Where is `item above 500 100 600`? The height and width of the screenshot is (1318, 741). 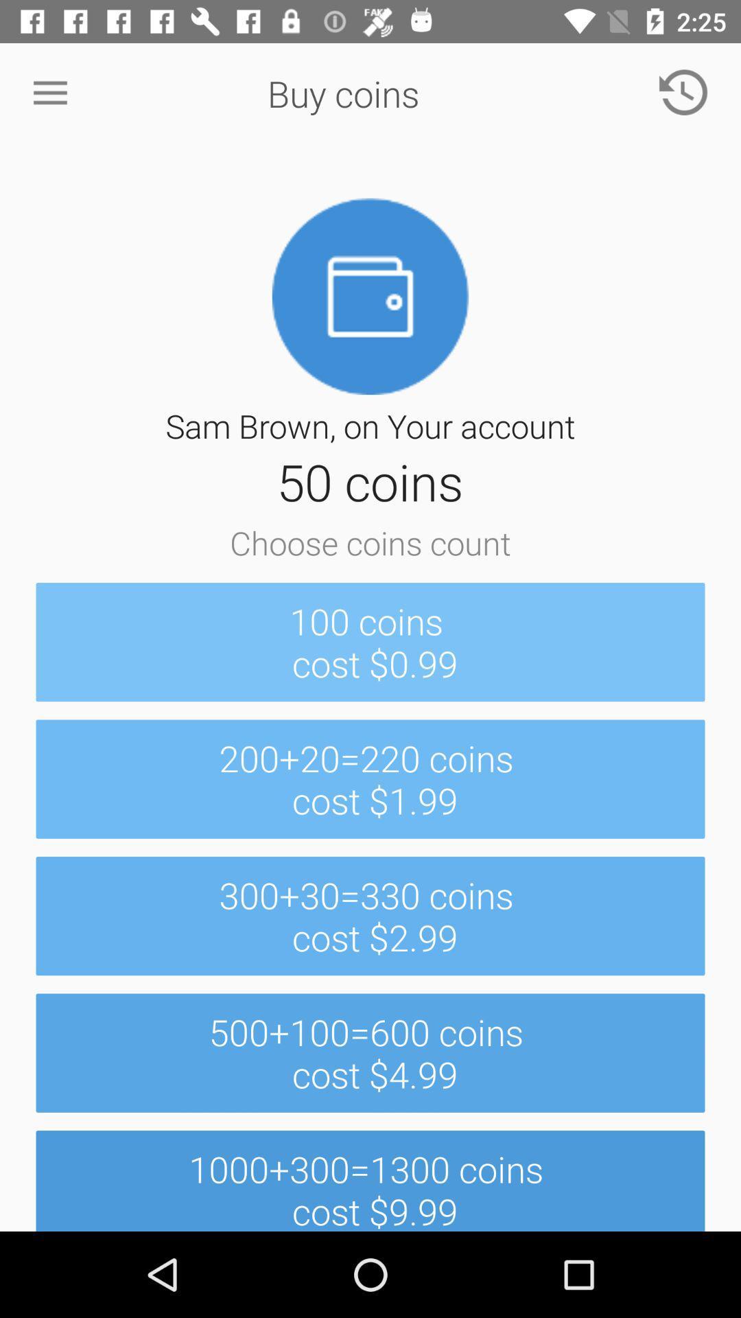 item above 500 100 600 is located at coordinates (370, 916).